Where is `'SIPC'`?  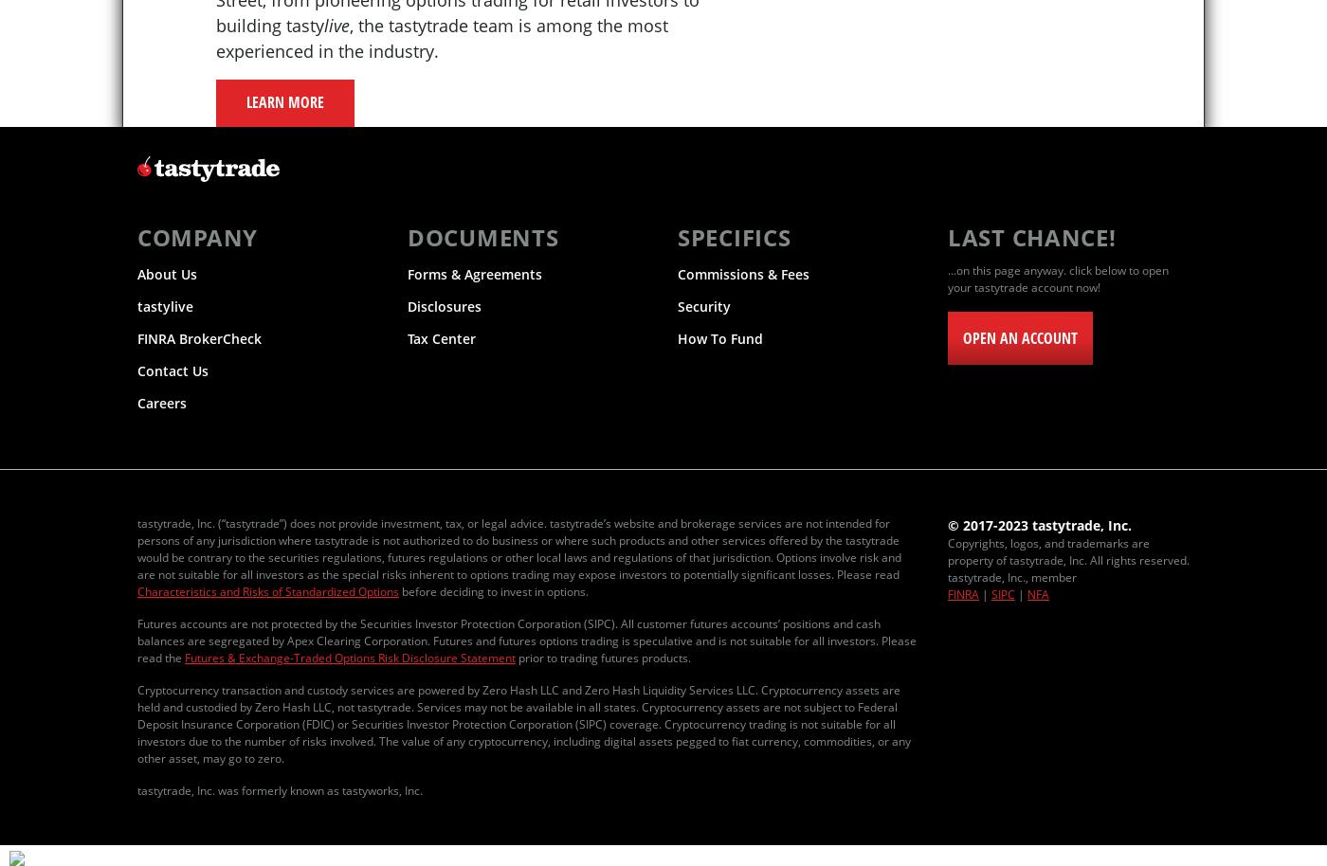 'SIPC' is located at coordinates (1003, 593).